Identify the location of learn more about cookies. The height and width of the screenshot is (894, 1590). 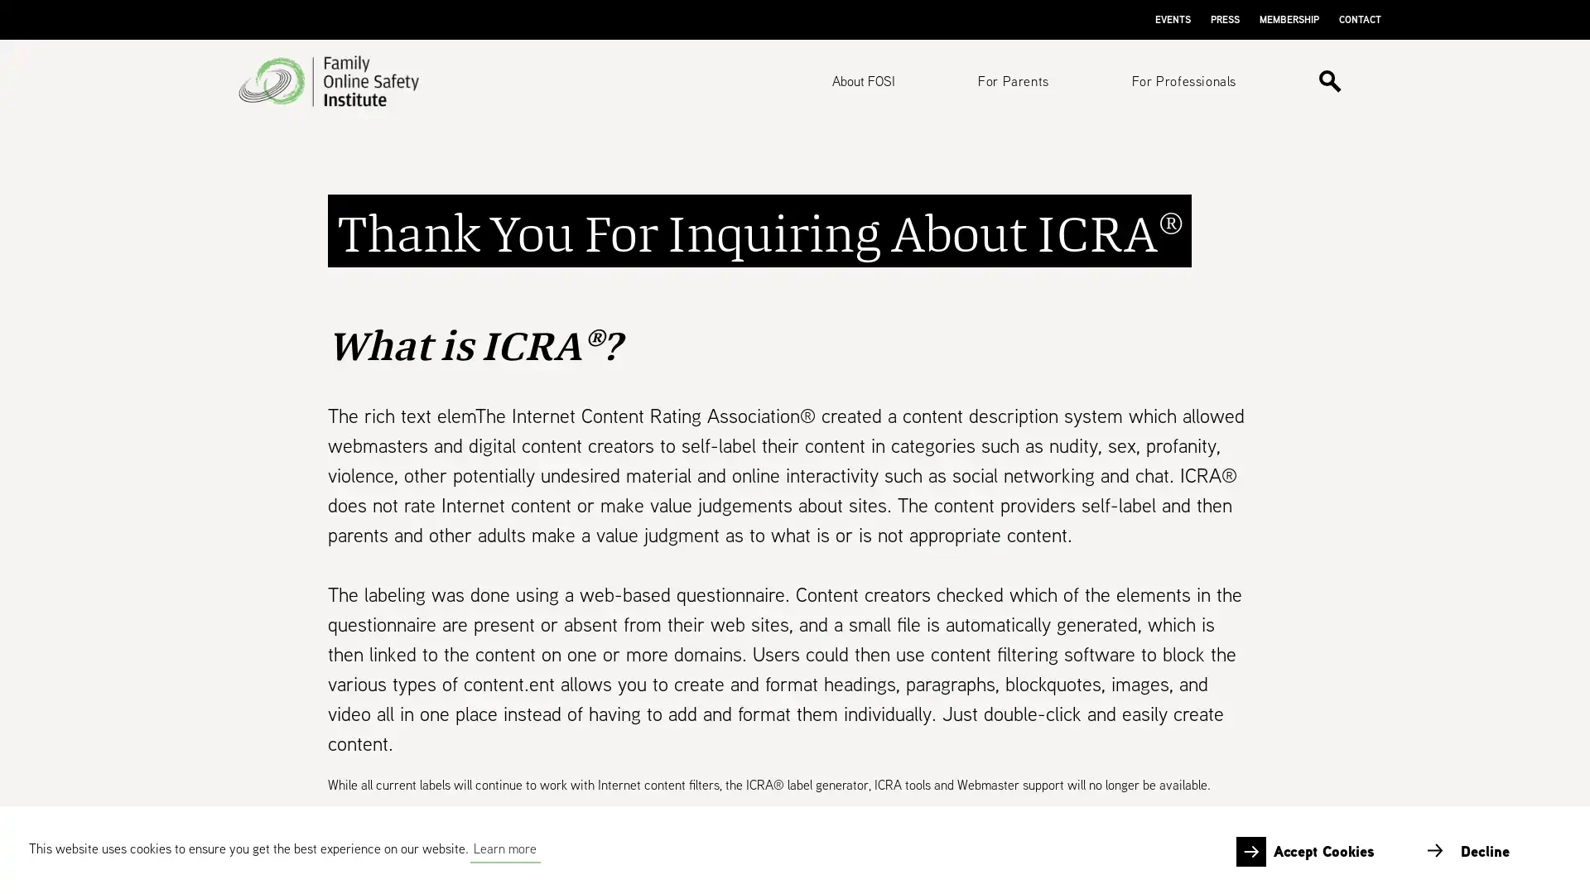
(504, 849).